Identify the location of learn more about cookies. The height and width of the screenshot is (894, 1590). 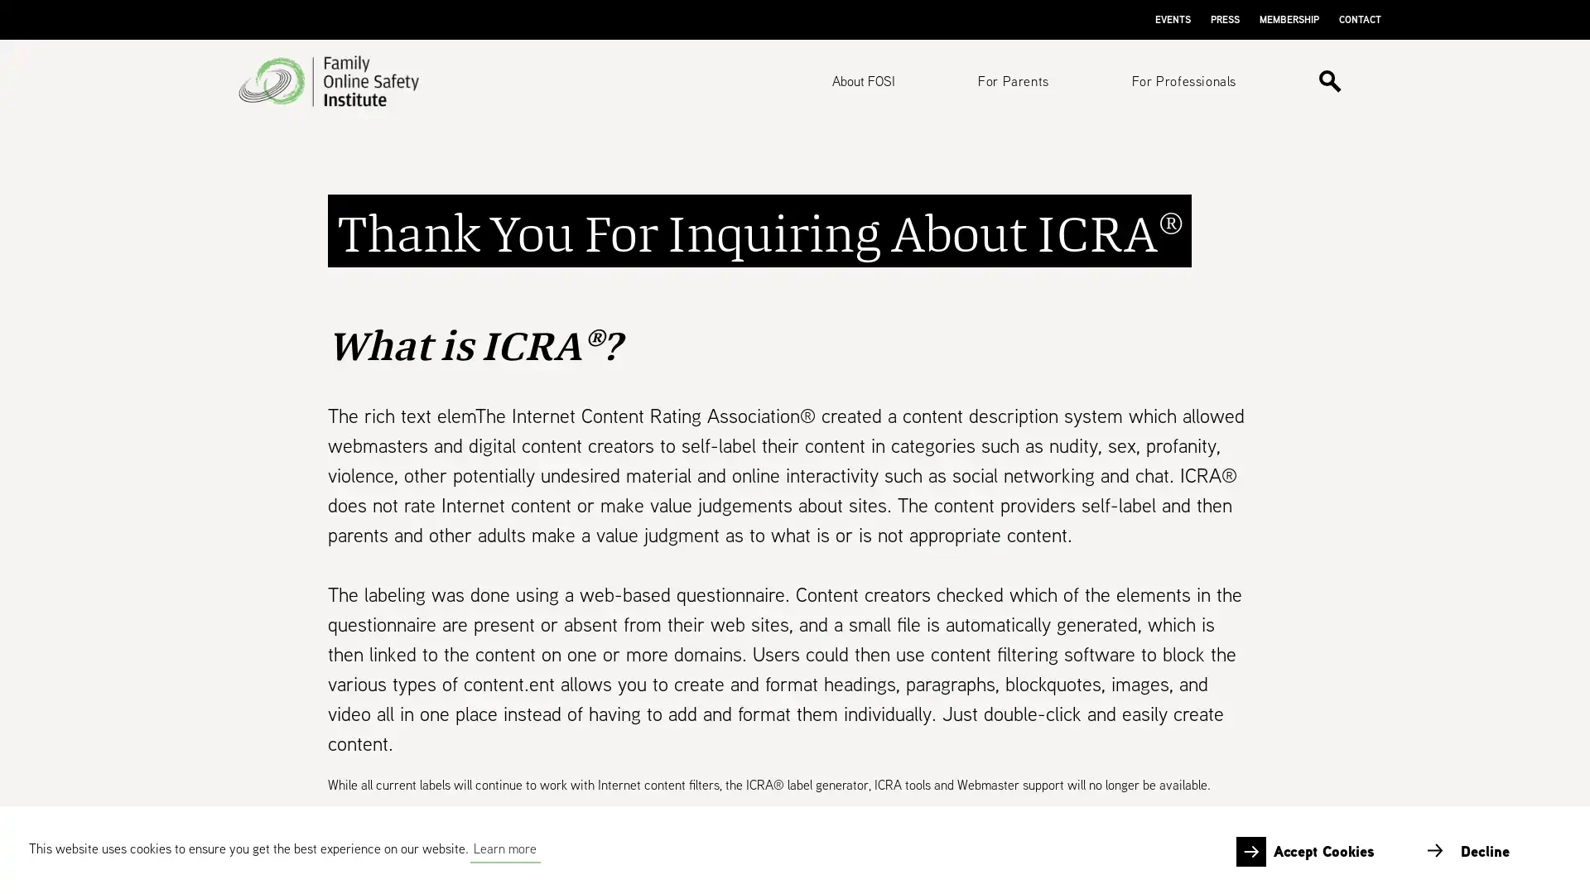
(504, 849).